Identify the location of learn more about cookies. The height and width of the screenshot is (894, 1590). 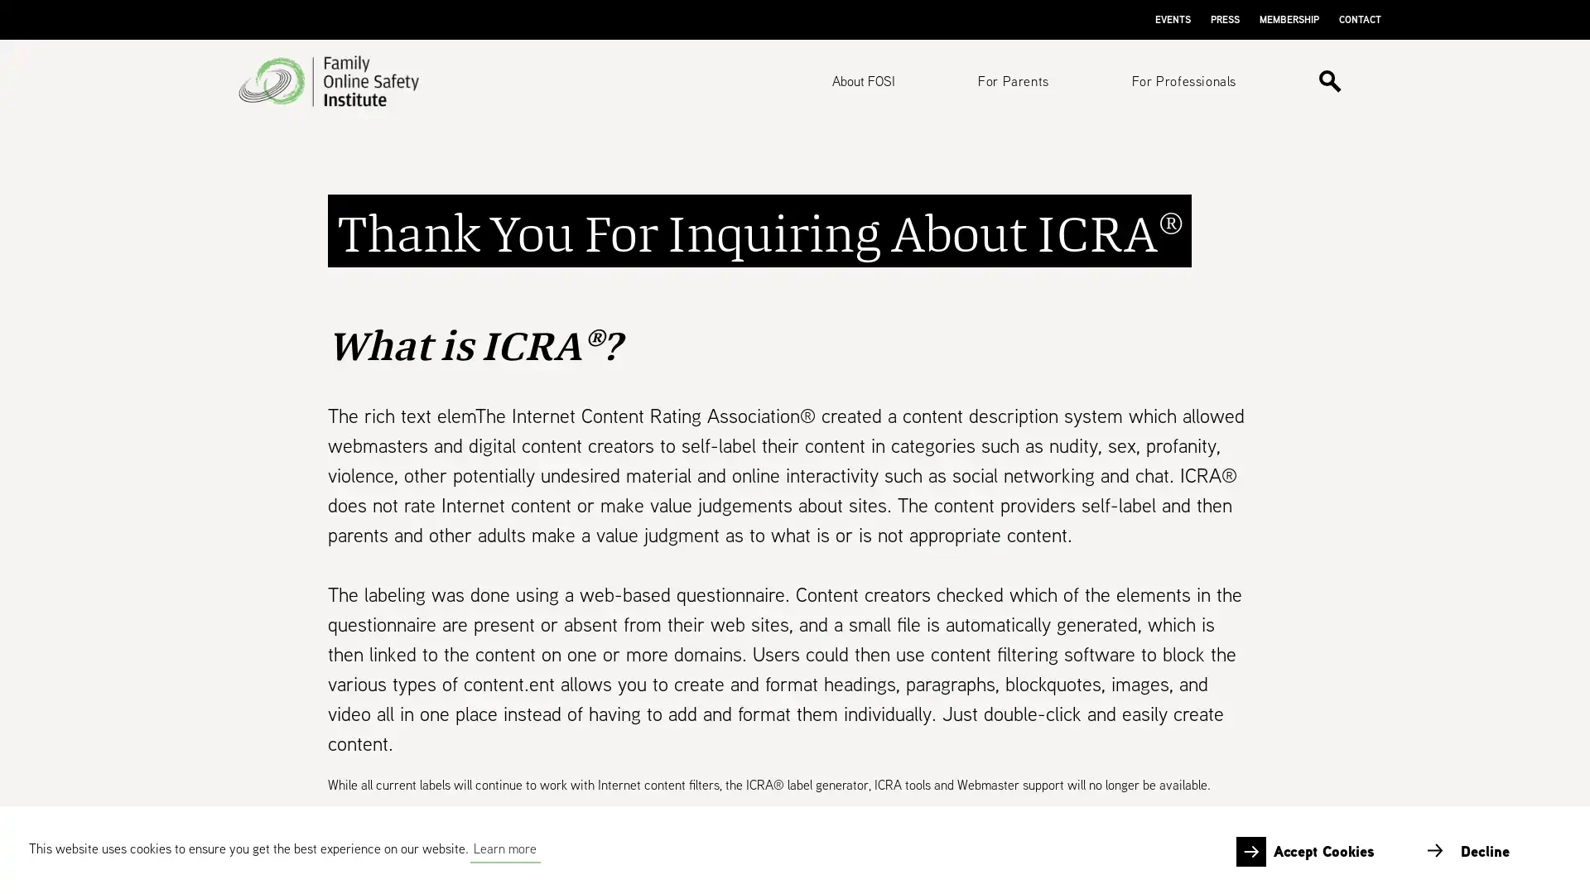
(504, 849).